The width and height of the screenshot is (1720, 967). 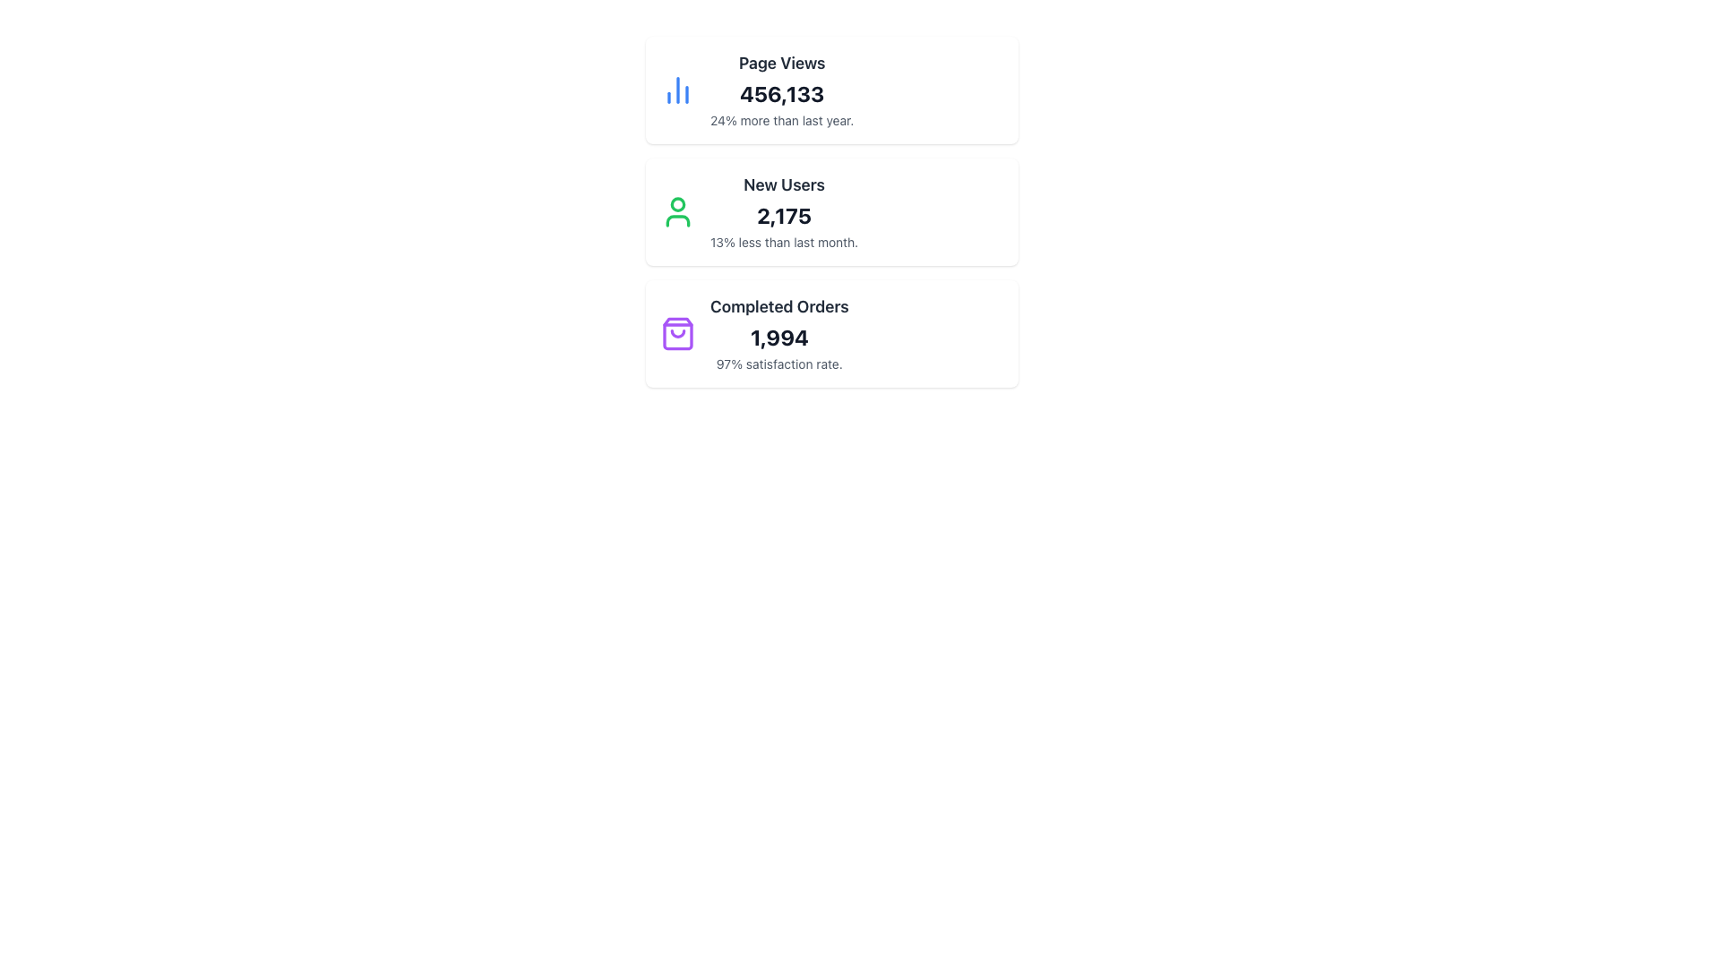 What do you see at coordinates (784, 185) in the screenshot?
I see `the 'New Users' text label, which is prominently displayed in bold and slightly enlarged font within the statistics card` at bounding box center [784, 185].